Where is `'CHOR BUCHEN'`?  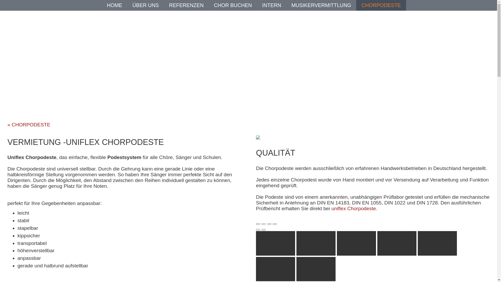
'CHOR BUCHEN' is located at coordinates (232, 5).